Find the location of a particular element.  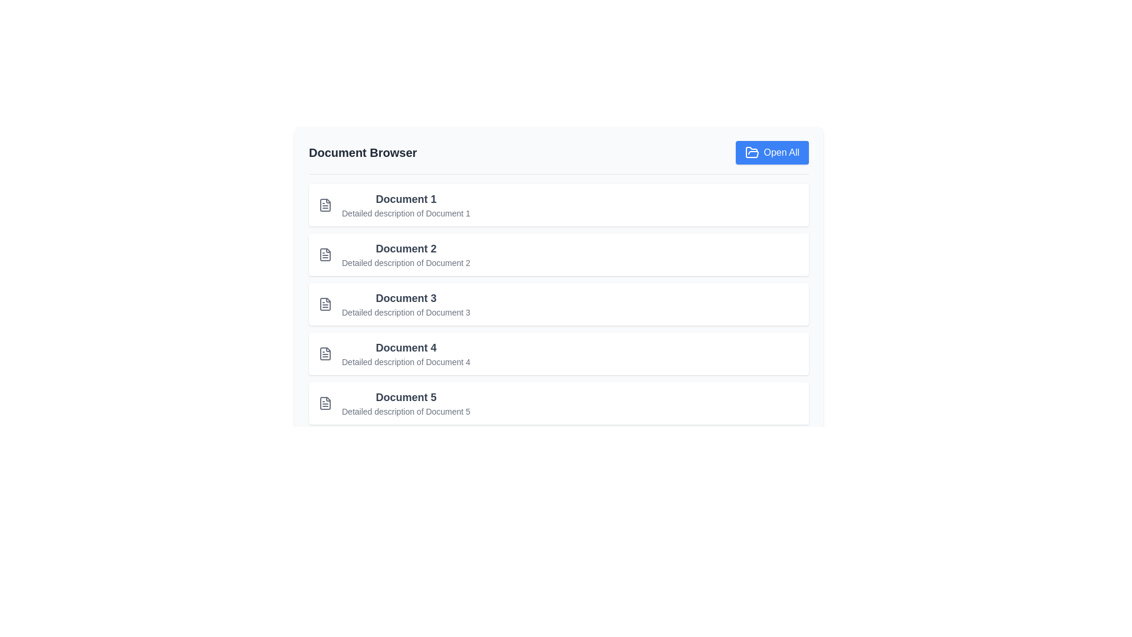

the Decorative icon located at the leftmost position within the rounded rectangular card representing 'Document 1' is located at coordinates (325, 204).